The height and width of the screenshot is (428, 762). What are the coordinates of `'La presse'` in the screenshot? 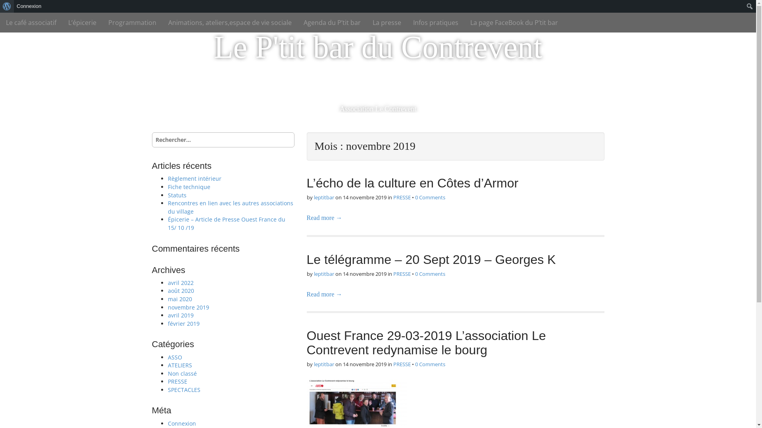 It's located at (366, 22).